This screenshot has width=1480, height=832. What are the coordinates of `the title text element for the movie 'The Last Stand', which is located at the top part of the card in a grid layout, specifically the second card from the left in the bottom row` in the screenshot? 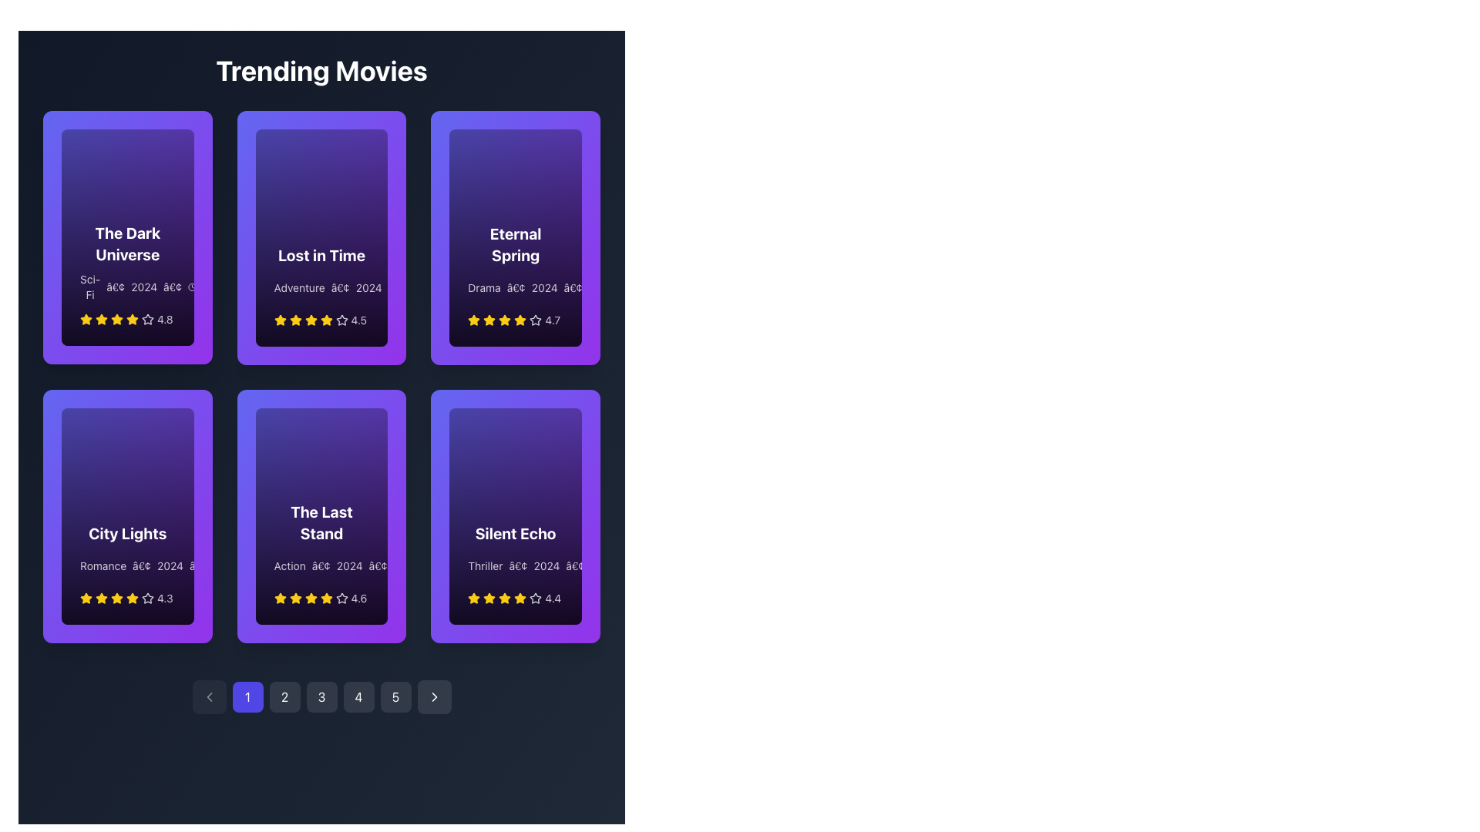 It's located at (321, 522).